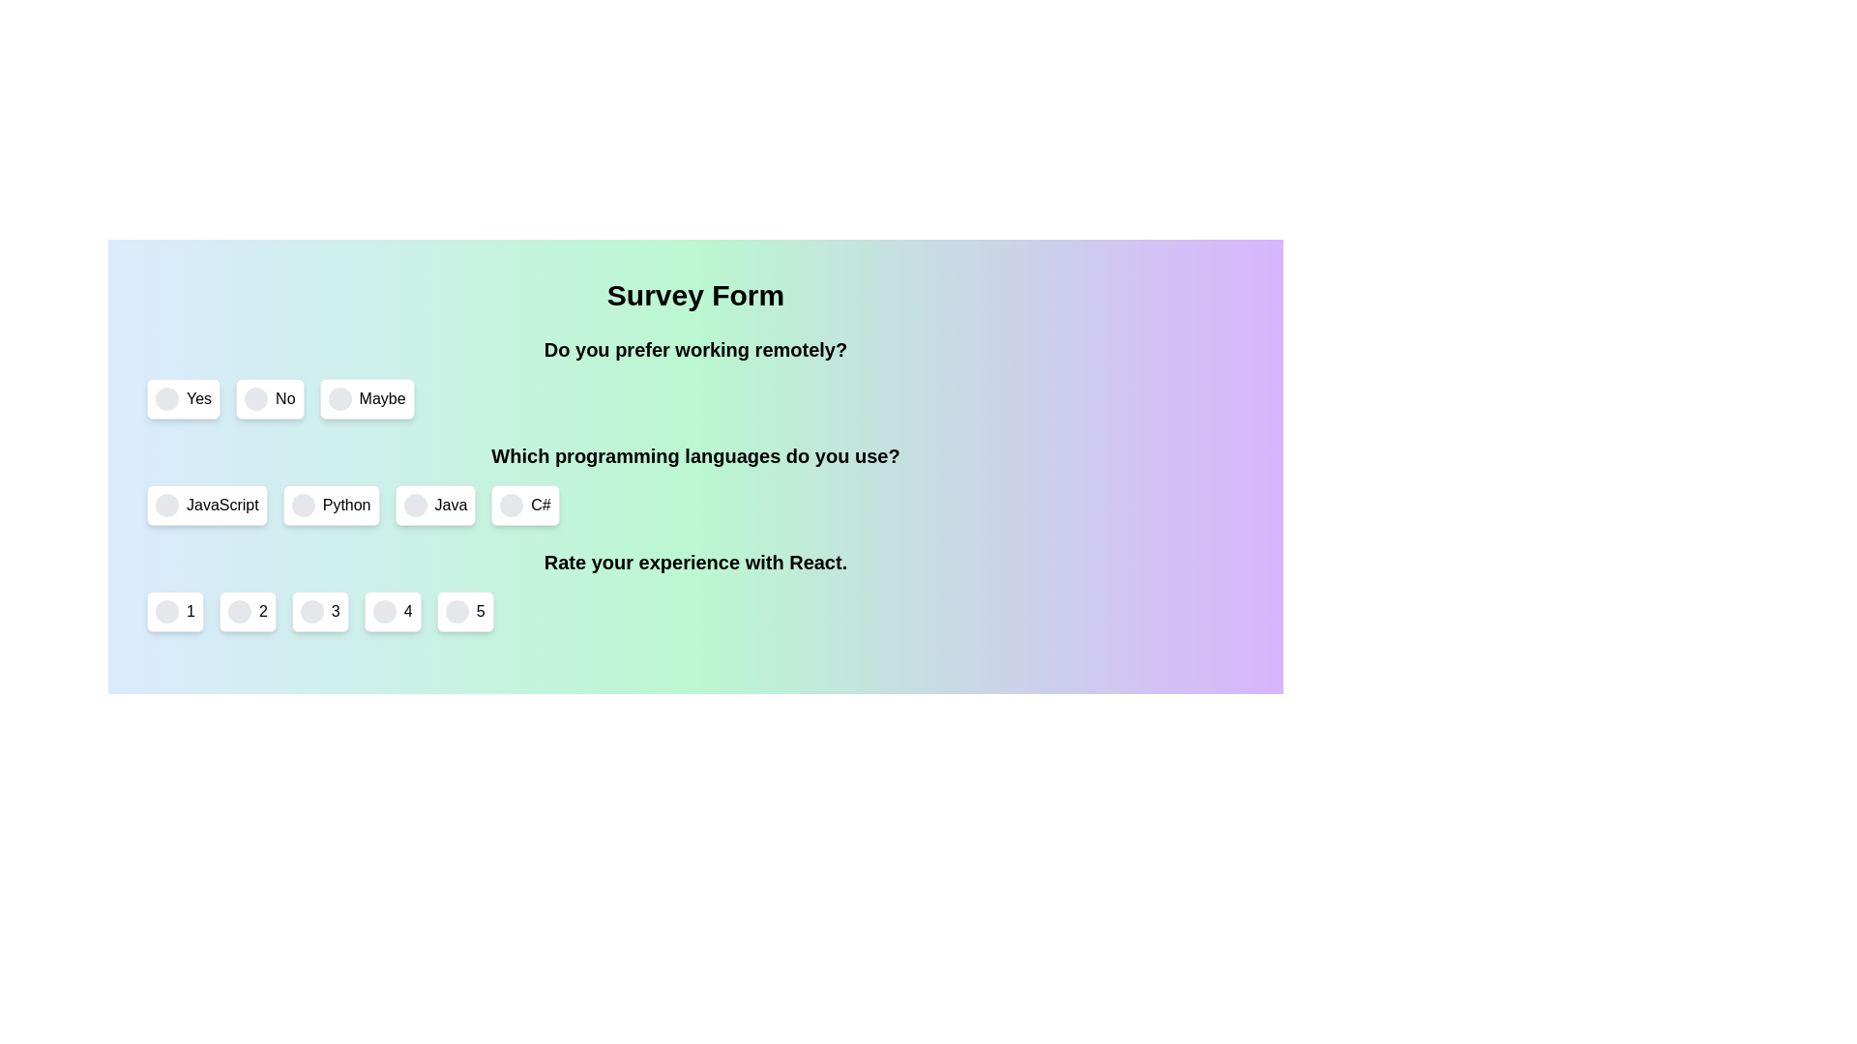 Image resolution: width=1857 pixels, height=1044 pixels. I want to click on the text label displaying 'JavaScript', which is associated with a circular checkbox as the second option under the 'Which programming languages do you use?' question, so click(222, 505).